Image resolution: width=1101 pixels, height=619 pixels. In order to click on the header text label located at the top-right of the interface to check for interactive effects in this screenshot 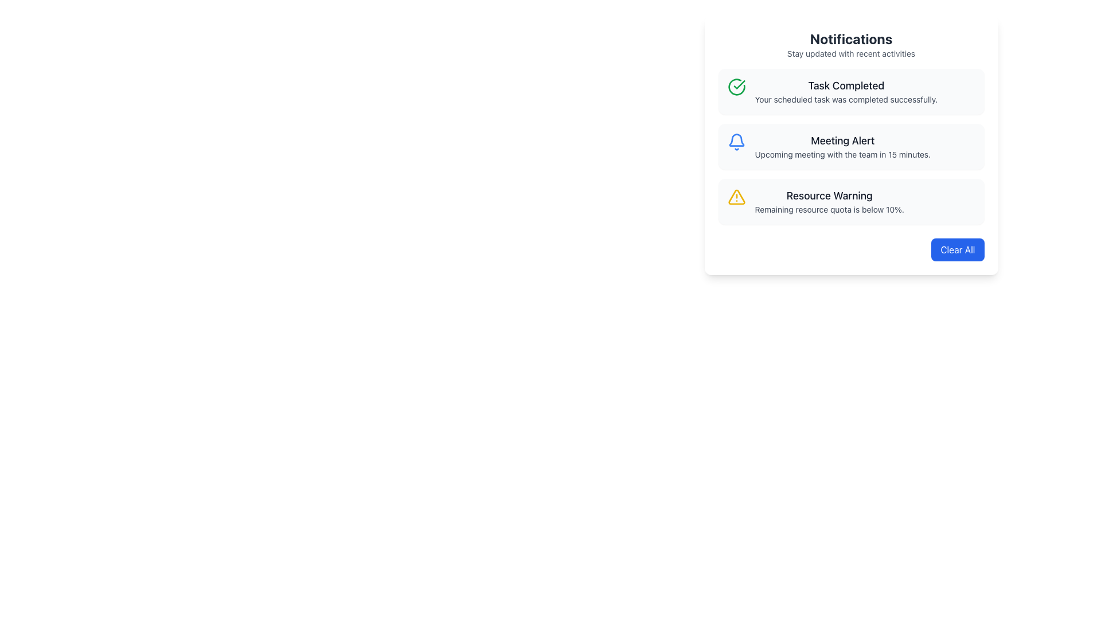, I will do `click(851, 38)`.